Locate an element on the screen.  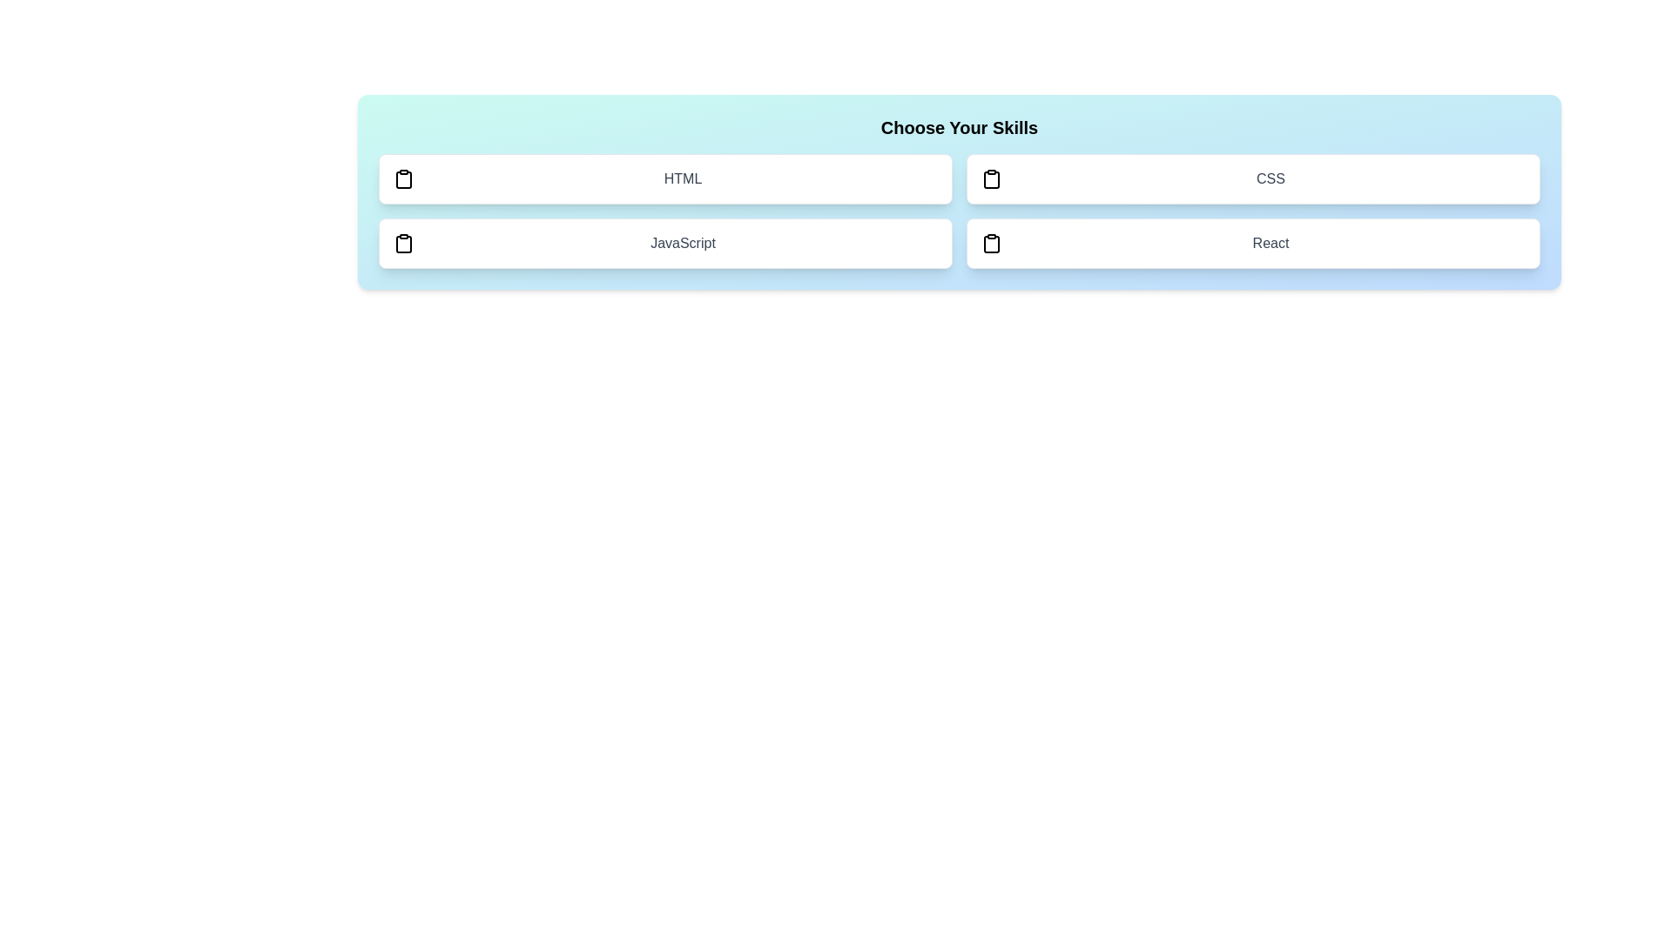
the skill CSS to toggle its selection state is located at coordinates (1252, 178).